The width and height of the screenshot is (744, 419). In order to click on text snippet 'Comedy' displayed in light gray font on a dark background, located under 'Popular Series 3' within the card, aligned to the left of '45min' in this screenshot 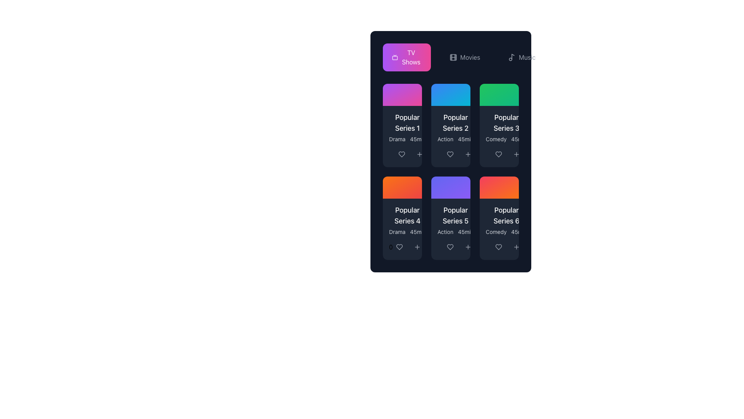, I will do `click(496, 139)`.